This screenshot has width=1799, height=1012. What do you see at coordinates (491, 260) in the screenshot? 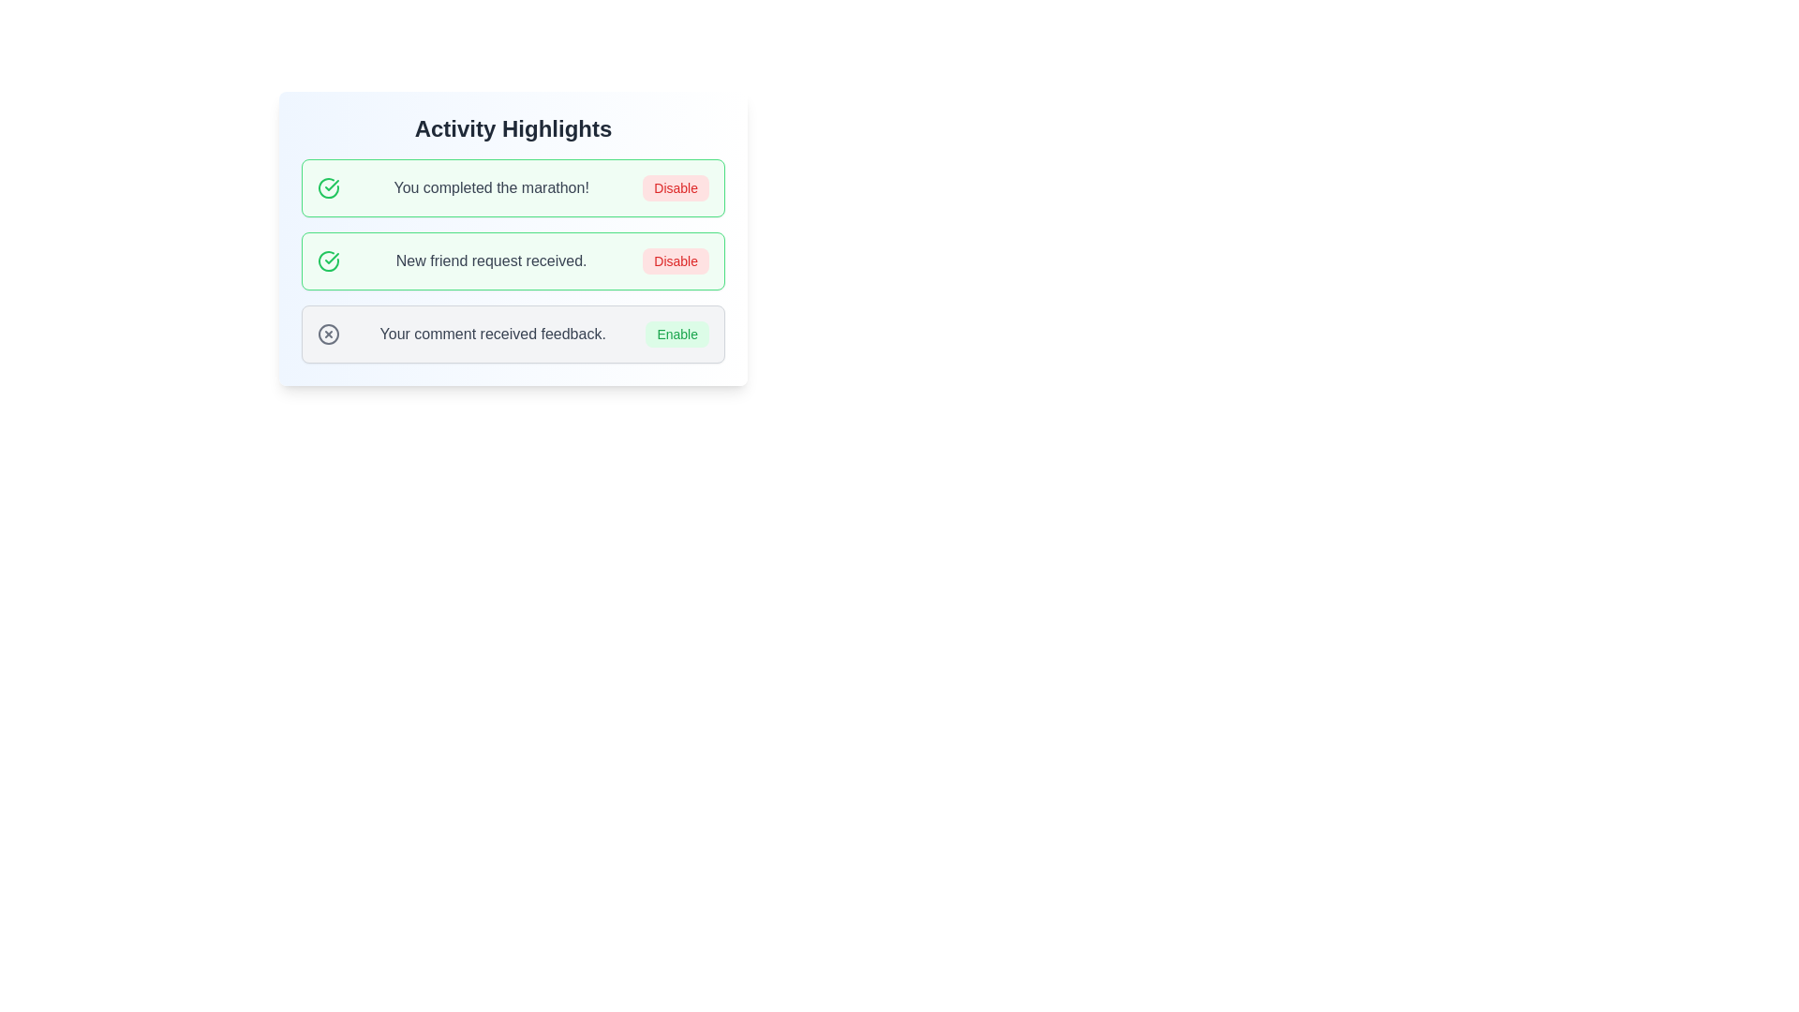
I see `the informational feedback text label notifying about a new friend request, located in the second notification box within the 'Activity Highlights' section, horizontally centered and to the left of the 'Disable' button` at bounding box center [491, 260].